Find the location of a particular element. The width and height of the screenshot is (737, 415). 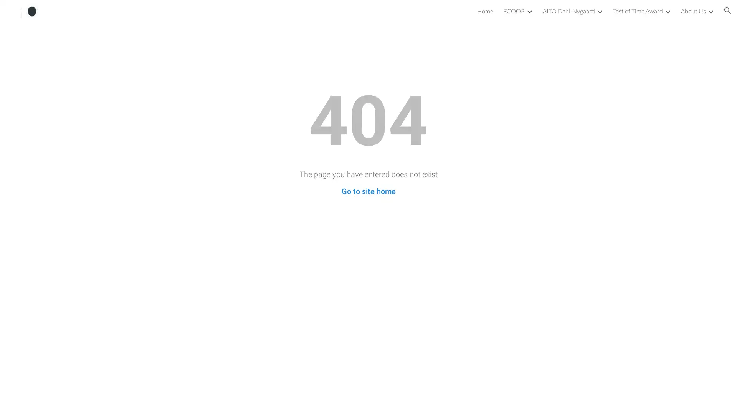

Report abuse is located at coordinates (60, 401).